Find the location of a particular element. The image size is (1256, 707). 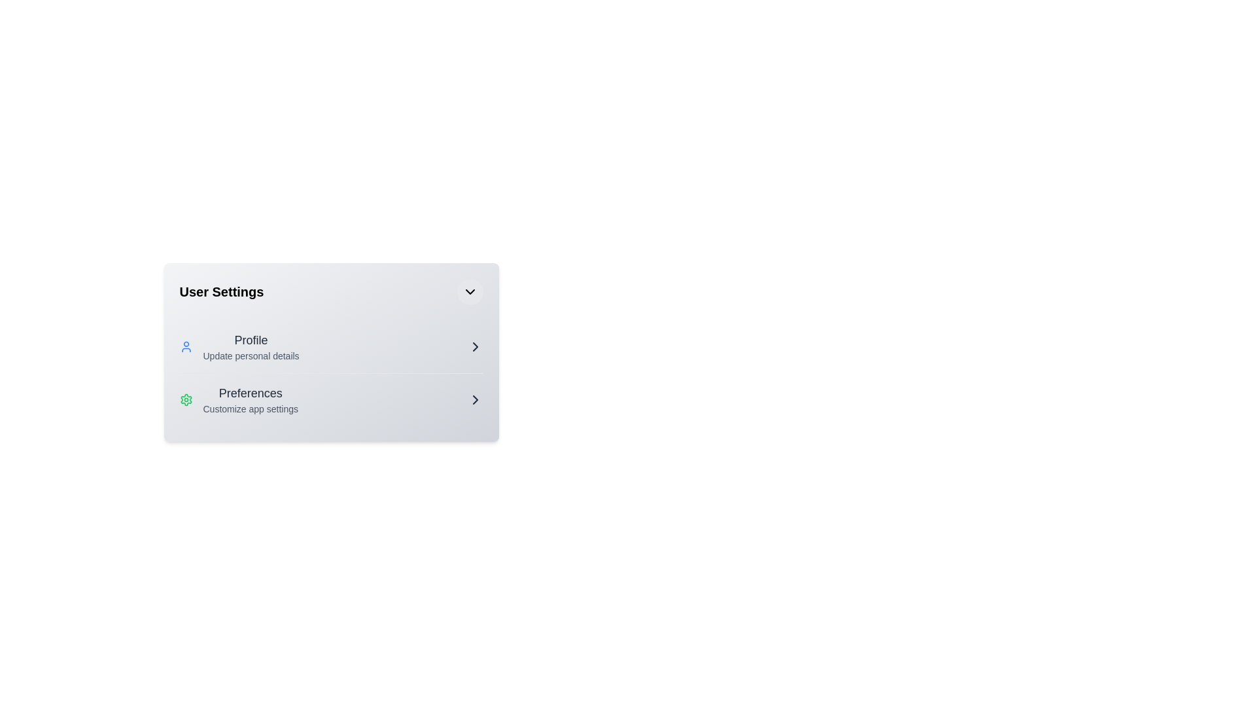

the navigational indicator icon located to the right of the 'Preferences' label in the 'User Settings' card is located at coordinates (474, 399).